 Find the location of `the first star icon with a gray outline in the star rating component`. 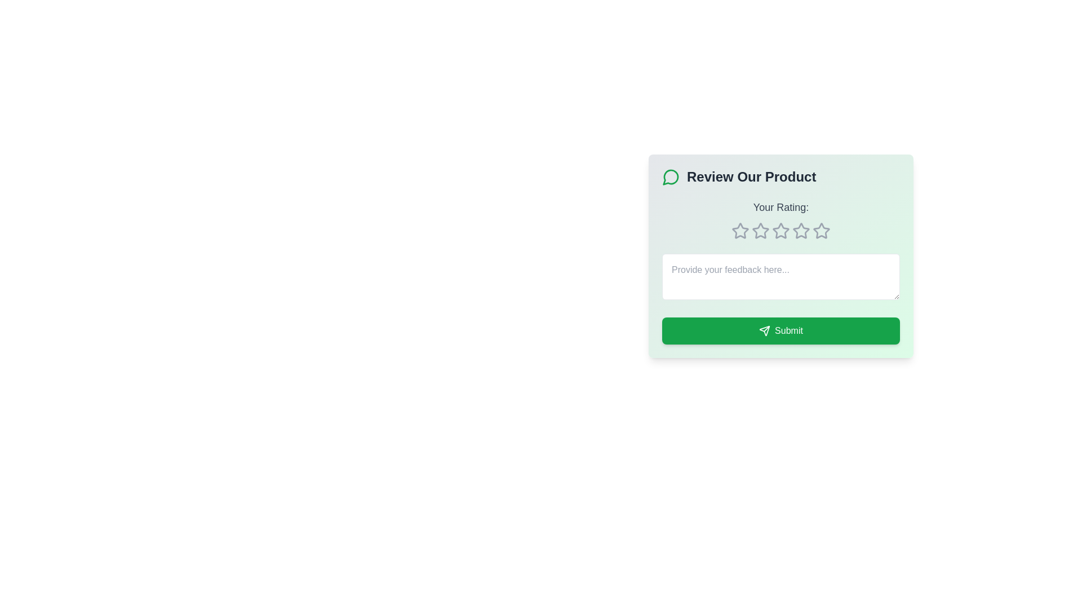

the first star icon with a gray outline in the star rating component is located at coordinates (740, 230).